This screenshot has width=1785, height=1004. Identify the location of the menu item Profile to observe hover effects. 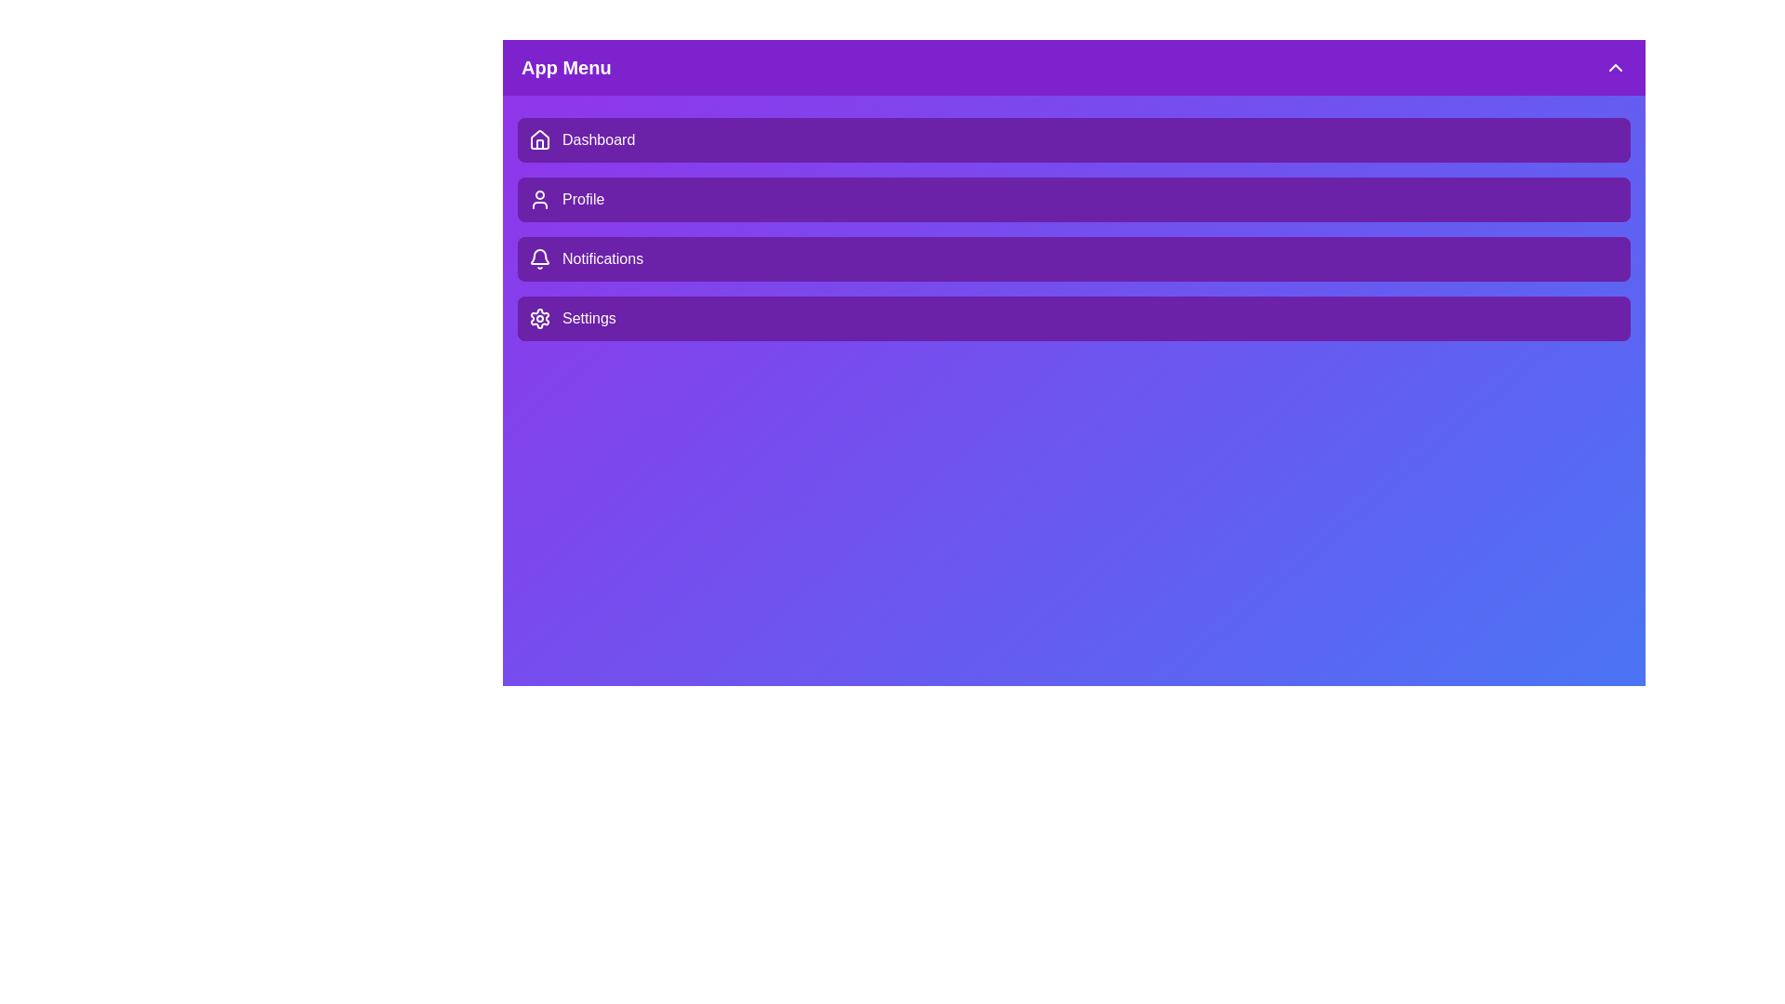
(1074, 200).